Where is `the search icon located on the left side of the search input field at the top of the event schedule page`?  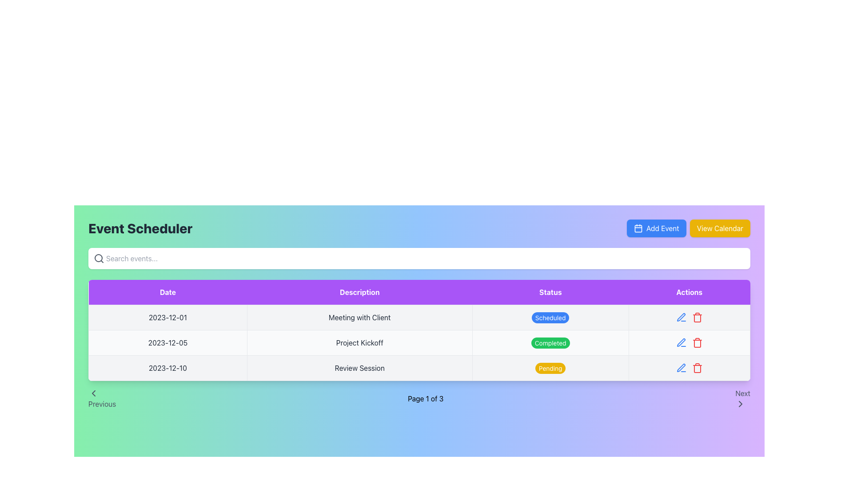
the search icon located on the left side of the search input field at the top of the event schedule page is located at coordinates (99, 258).